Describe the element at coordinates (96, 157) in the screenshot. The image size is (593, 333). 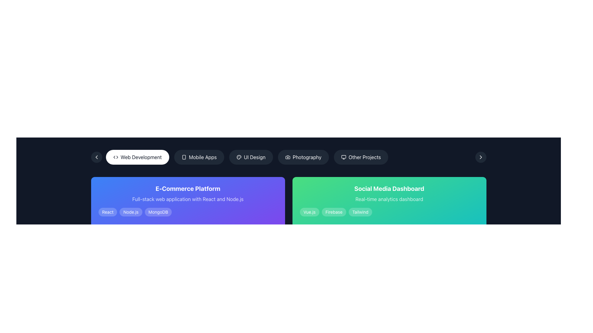
I see `the button located at the leftmost side of the navigation bar, adjacent to the 'Web Development' category` at that location.